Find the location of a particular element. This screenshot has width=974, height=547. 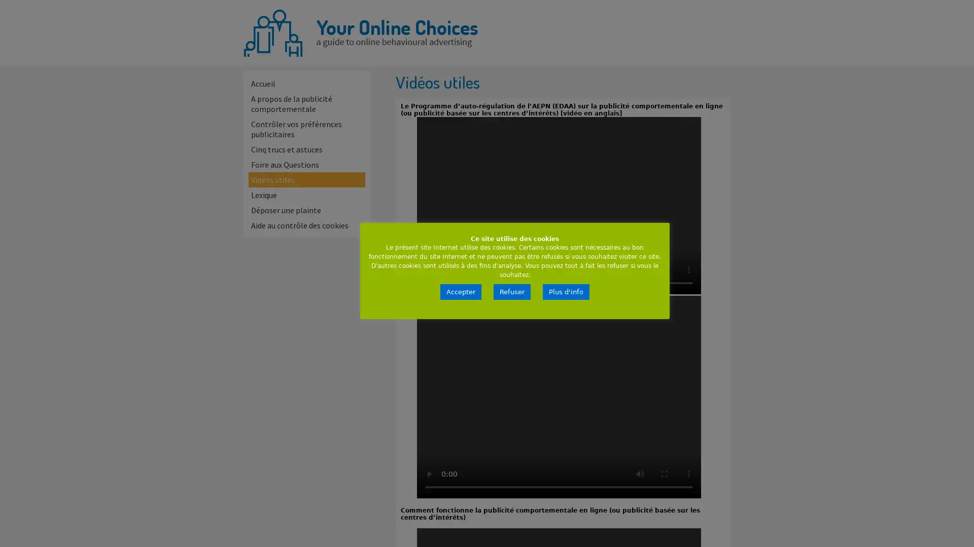

enter full screen is located at coordinates (665, 269).